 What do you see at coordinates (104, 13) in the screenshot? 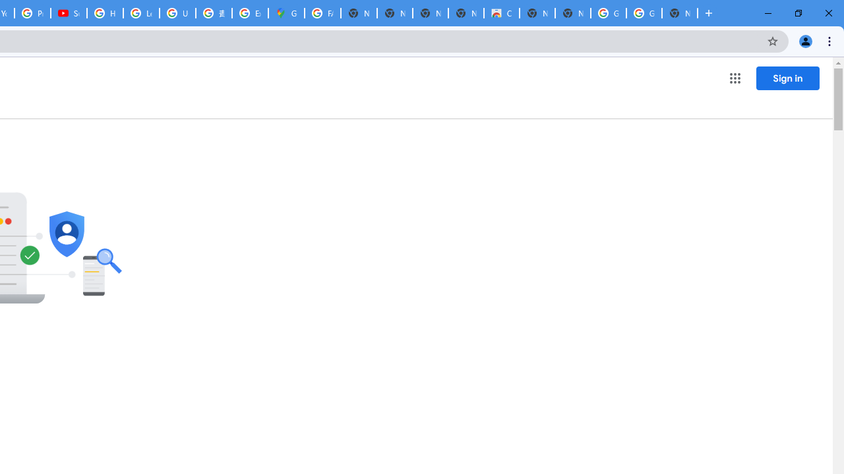
I see `'How Chrome protects your passwords - Google Chrome Help'` at bounding box center [104, 13].